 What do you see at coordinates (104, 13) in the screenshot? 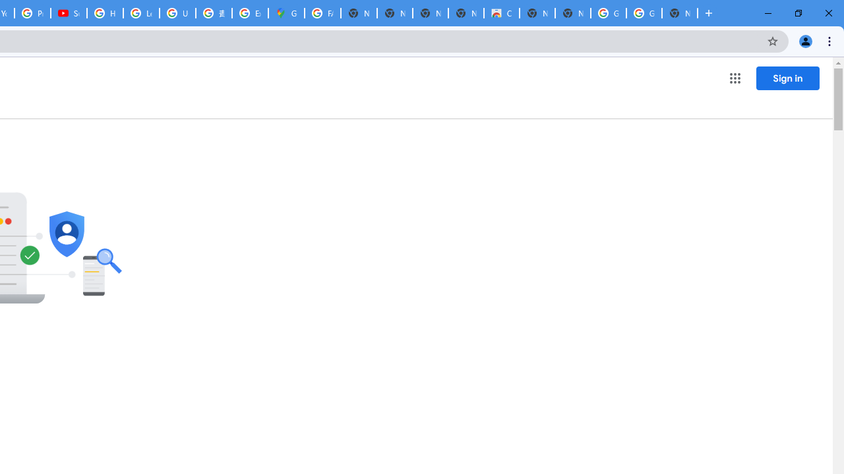
I see `'How Chrome protects your passwords - Google Chrome Help'` at bounding box center [104, 13].